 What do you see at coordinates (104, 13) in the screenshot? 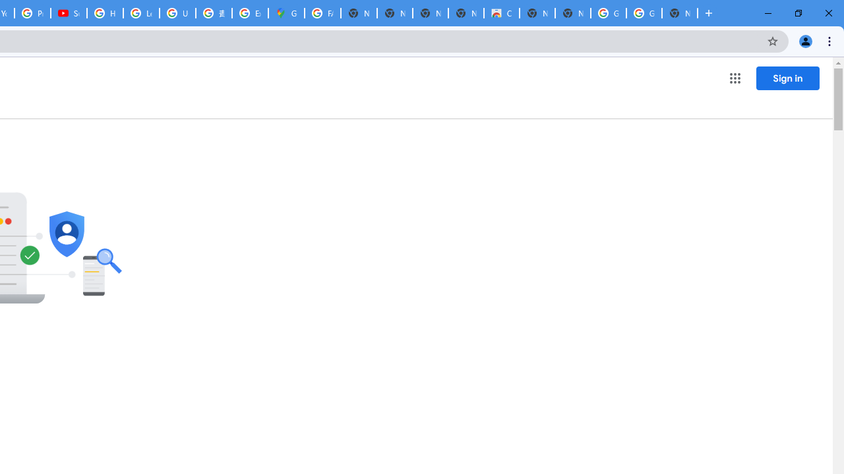
I see `'How Chrome protects your passwords - Google Chrome Help'` at bounding box center [104, 13].